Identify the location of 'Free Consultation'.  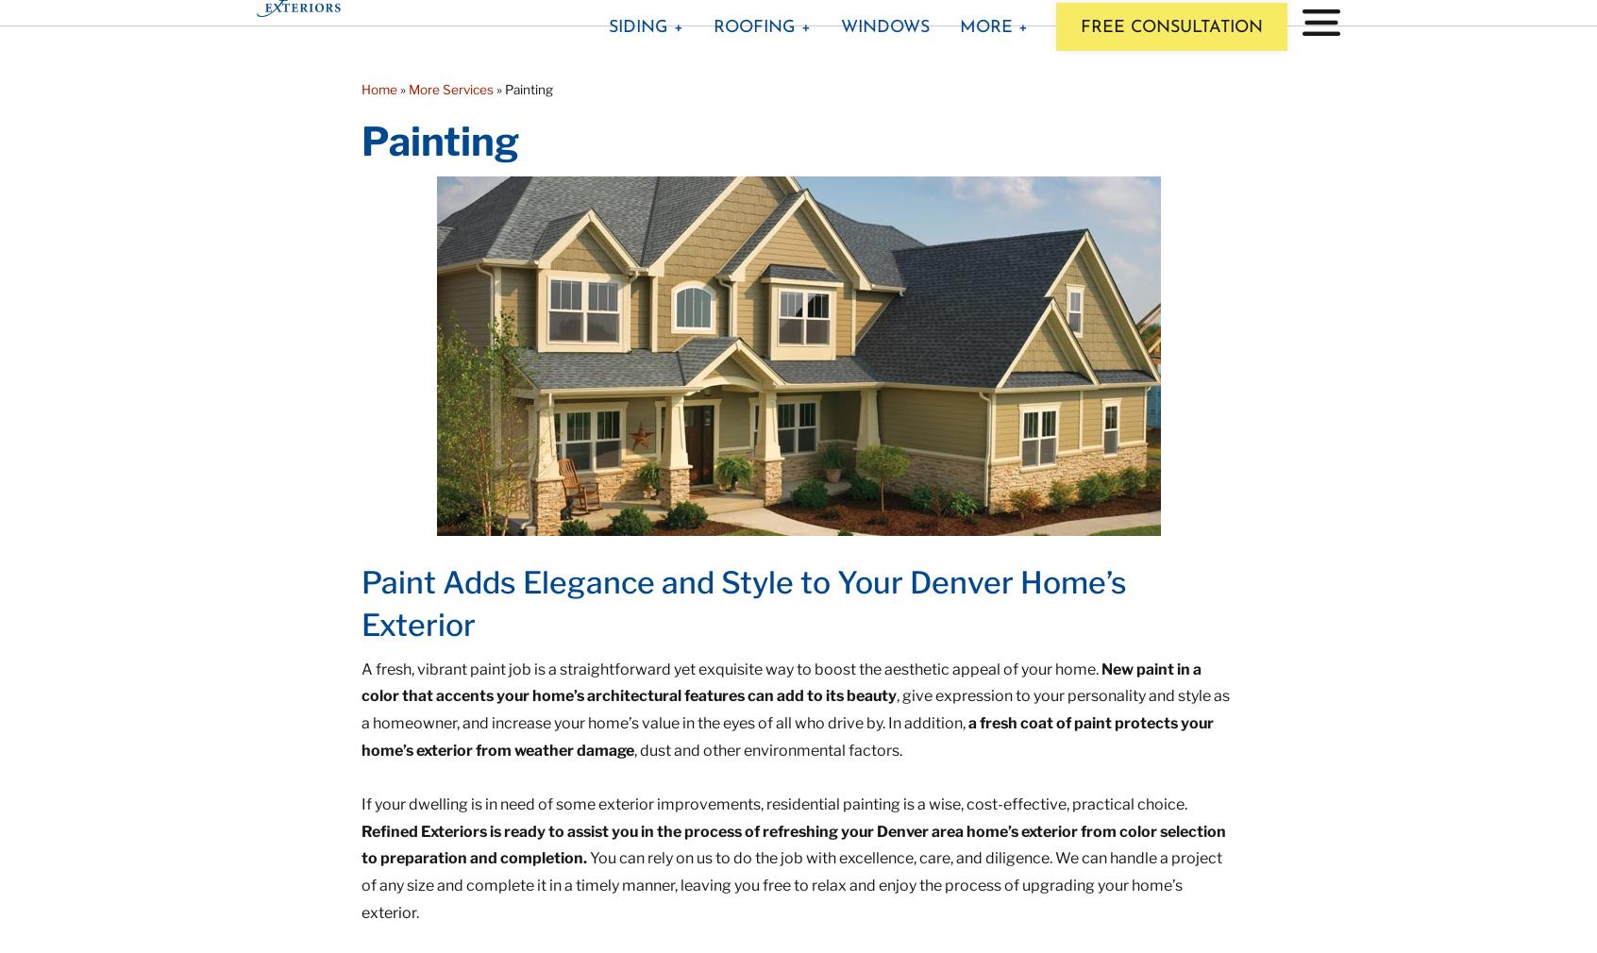
(1171, 62).